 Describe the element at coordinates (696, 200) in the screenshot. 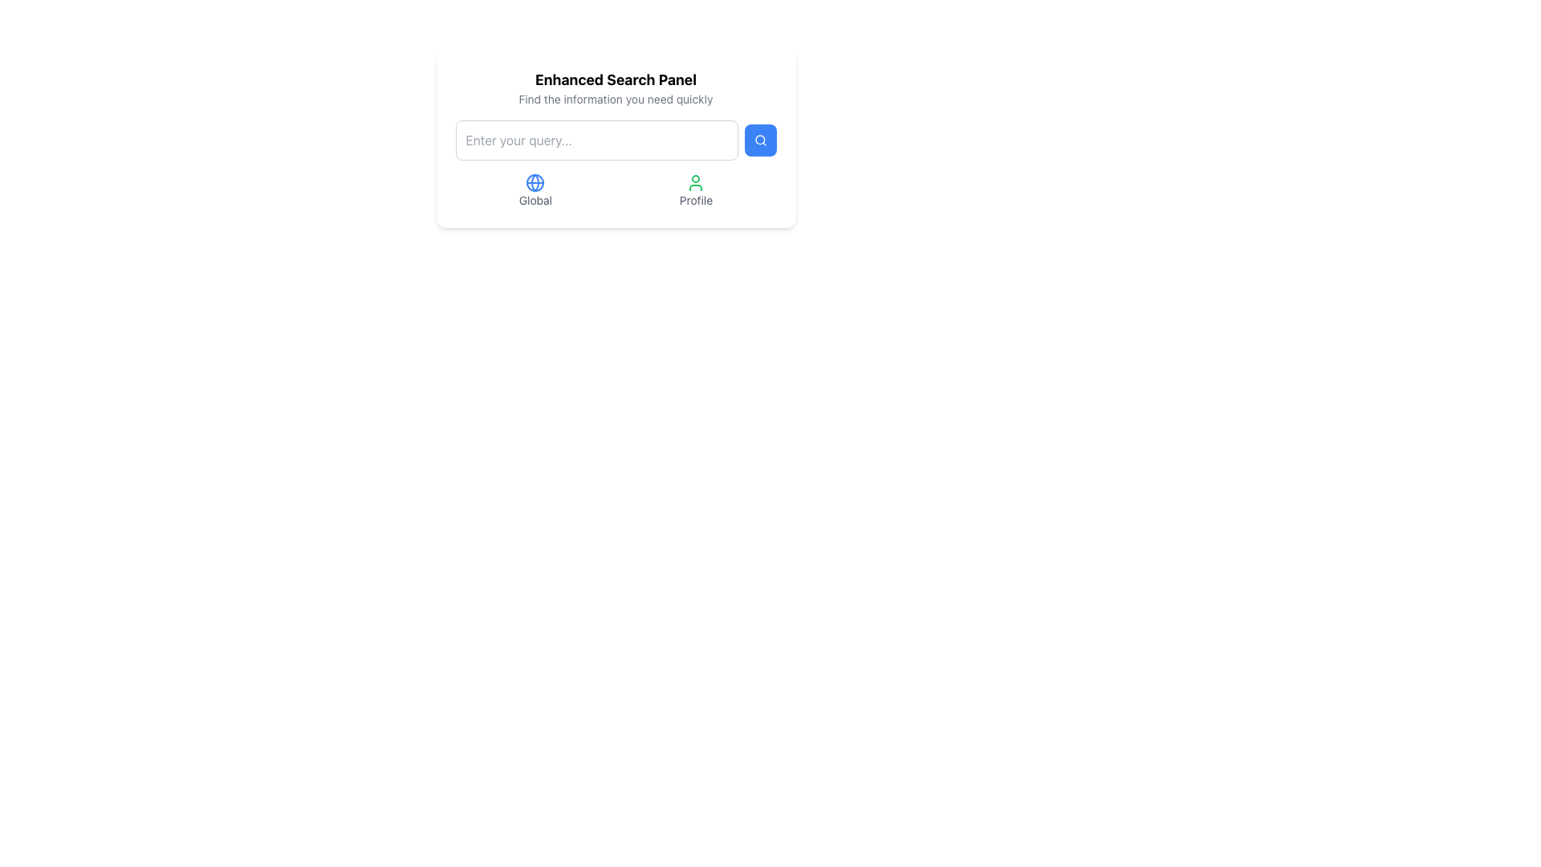

I see `the Static Text Label displaying 'Profile' which is styled with a small font size and gray color, located below a user profile icon` at that location.